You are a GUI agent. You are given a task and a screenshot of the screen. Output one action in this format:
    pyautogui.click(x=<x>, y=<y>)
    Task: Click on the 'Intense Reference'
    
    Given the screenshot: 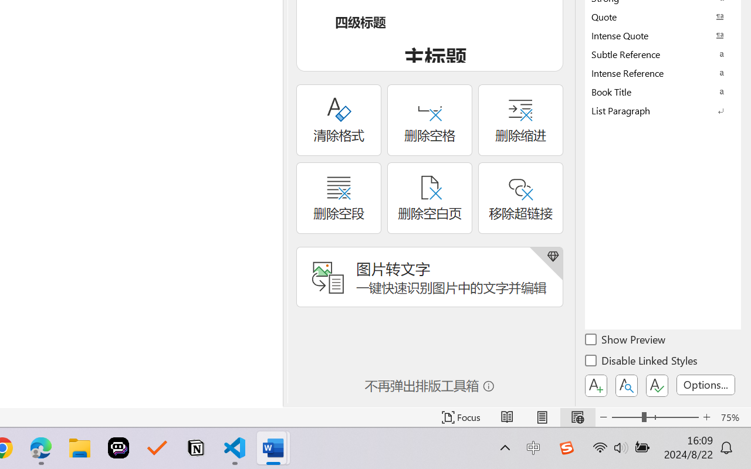 What is the action you would take?
    pyautogui.click(x=663, y=72)
    